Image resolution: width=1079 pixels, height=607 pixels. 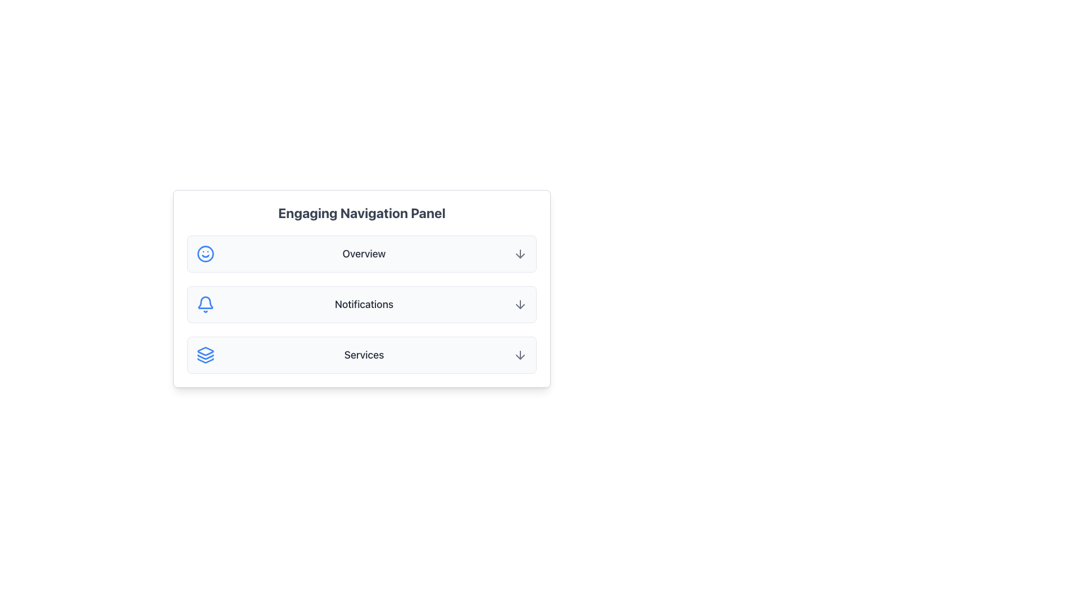 What do you see at coordinates (361, 305) in the screenshot?
I see `the 'Notifications' button, which is a rectangular element with a light gray background, a blue notification bell icon on the left, and a gray downward arrow icon on the right` at bounding box center [361, 305].